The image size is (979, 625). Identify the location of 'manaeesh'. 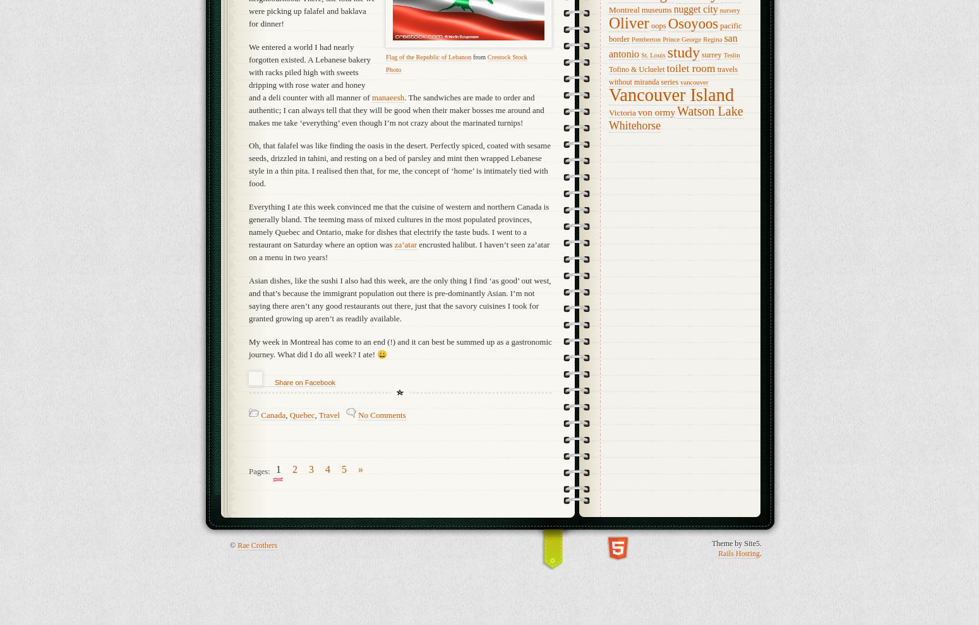
(387, 97).